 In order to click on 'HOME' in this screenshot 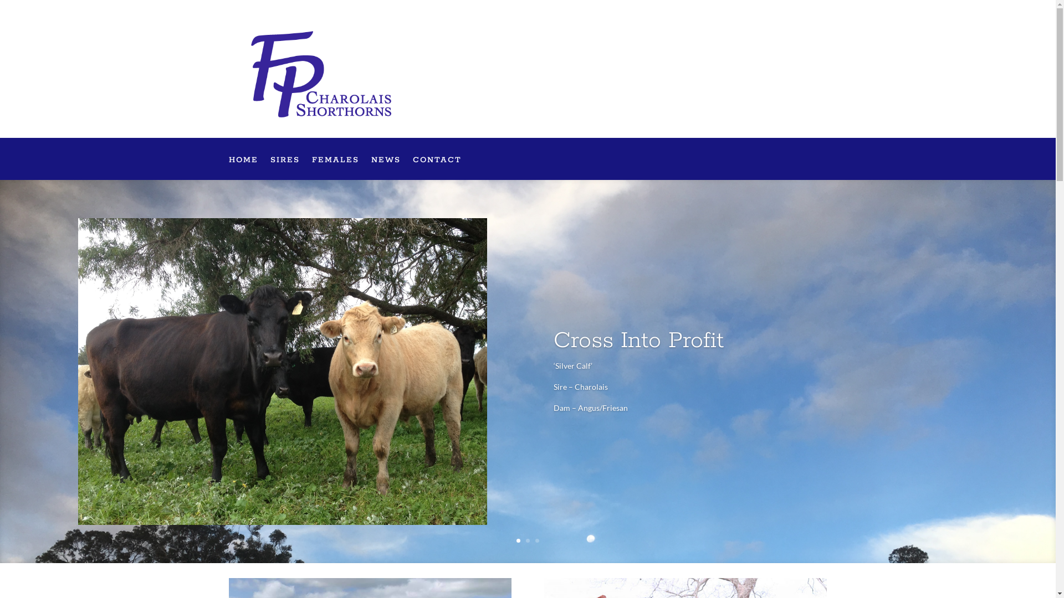, I will do `click(228, 168)`.